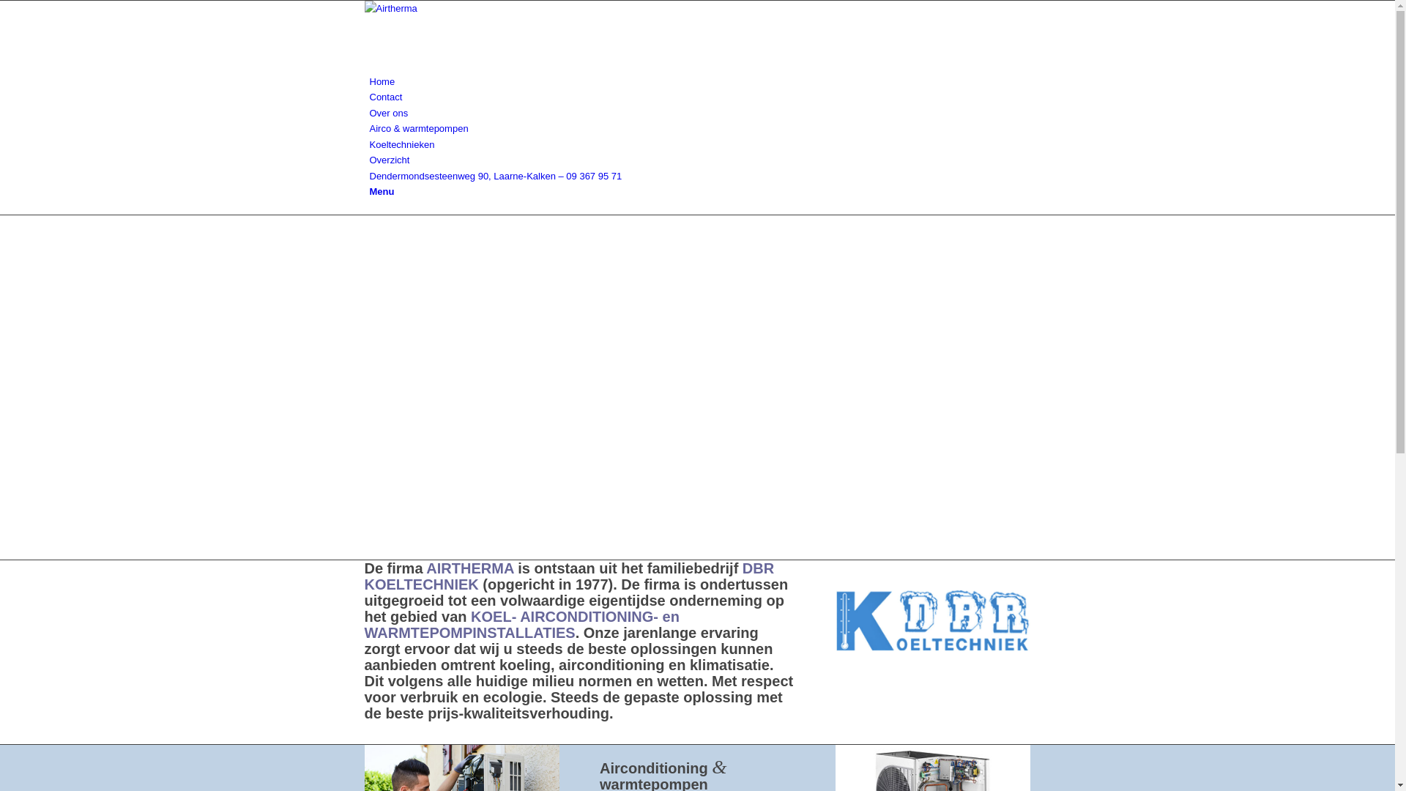 The width and height of the screenshot is (1406, 791). Describe the element at coordinates (459, 736) in the screenshot. I see `'Contacteer ons voor uw vragen of een offerte'` at that location.